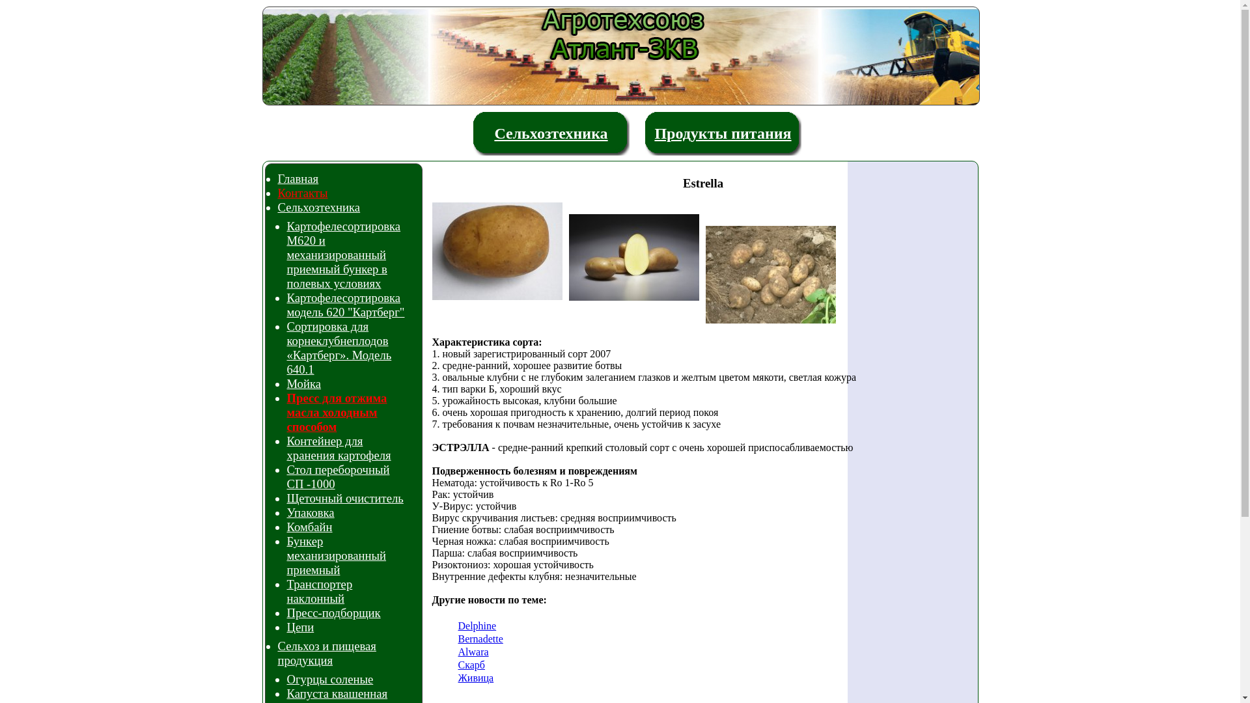 This screenshot has width=1250, height=703. I want to click on 'Estrella', so click(637, 260).